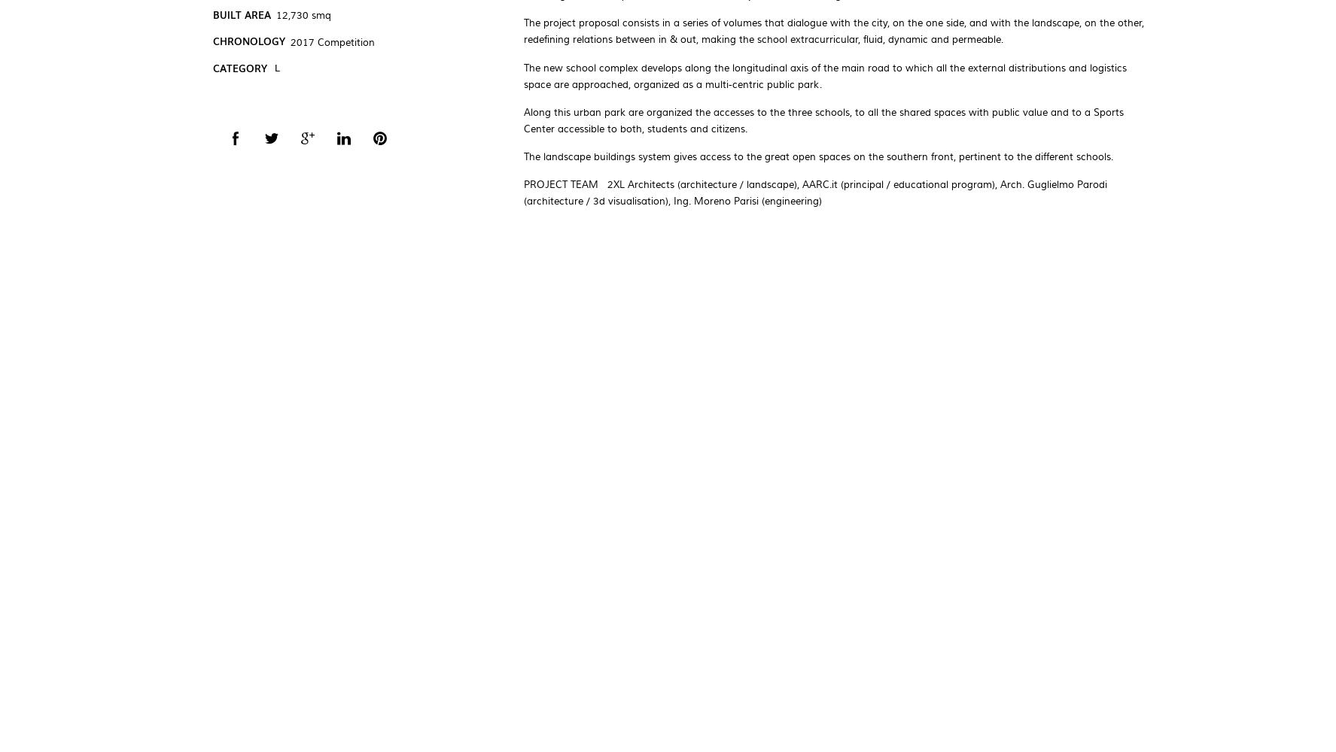  What do you see at coordinates (247, 41) in the screenshot?
I see `'Chronology'` at bounding box center [247, 41].